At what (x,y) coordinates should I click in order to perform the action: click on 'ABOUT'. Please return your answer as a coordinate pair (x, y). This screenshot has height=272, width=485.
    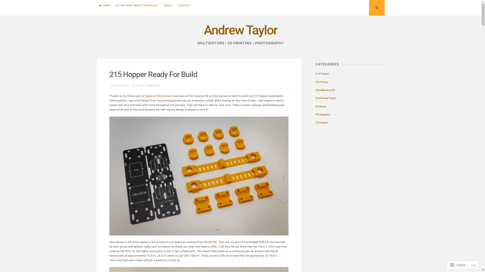
    Looking at the image, I should click on (168, 6).